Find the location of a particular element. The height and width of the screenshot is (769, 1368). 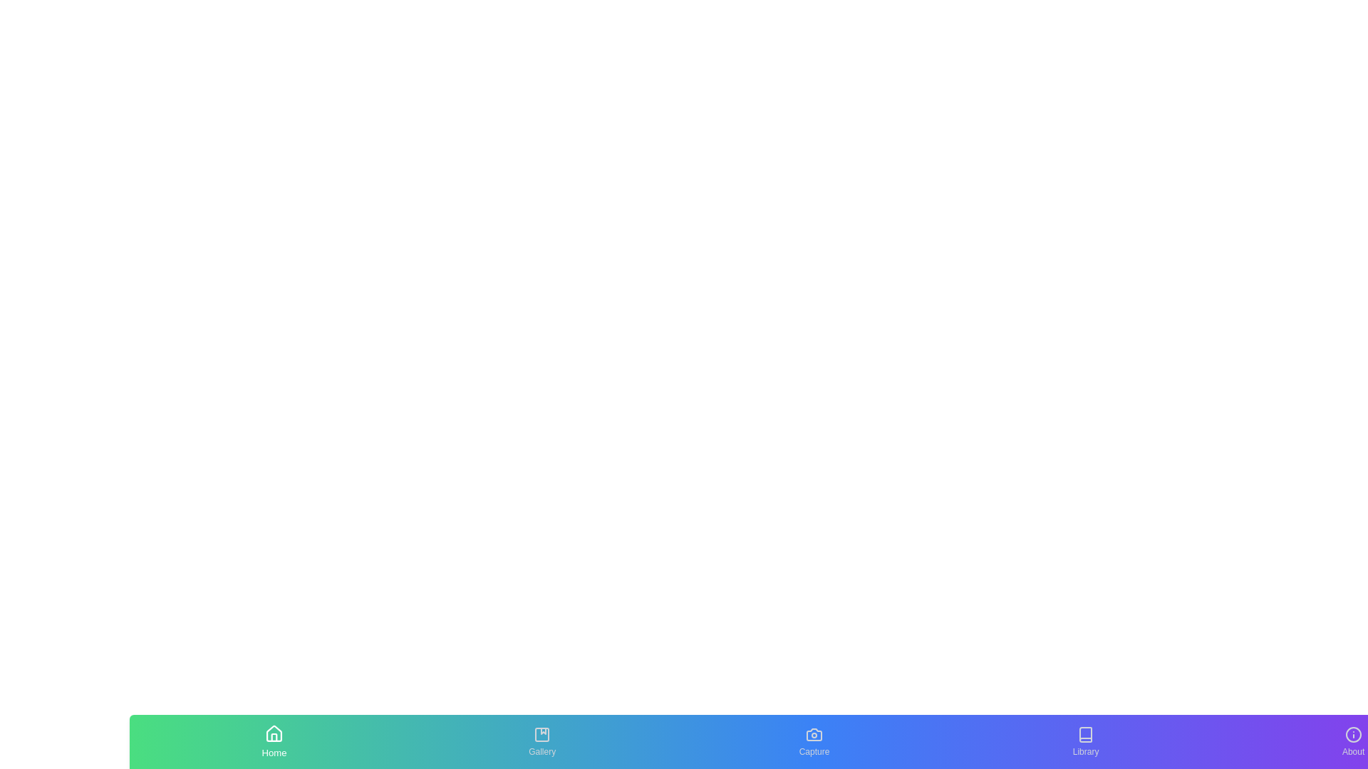

the Library tab is located at coordinates (1084, 741).